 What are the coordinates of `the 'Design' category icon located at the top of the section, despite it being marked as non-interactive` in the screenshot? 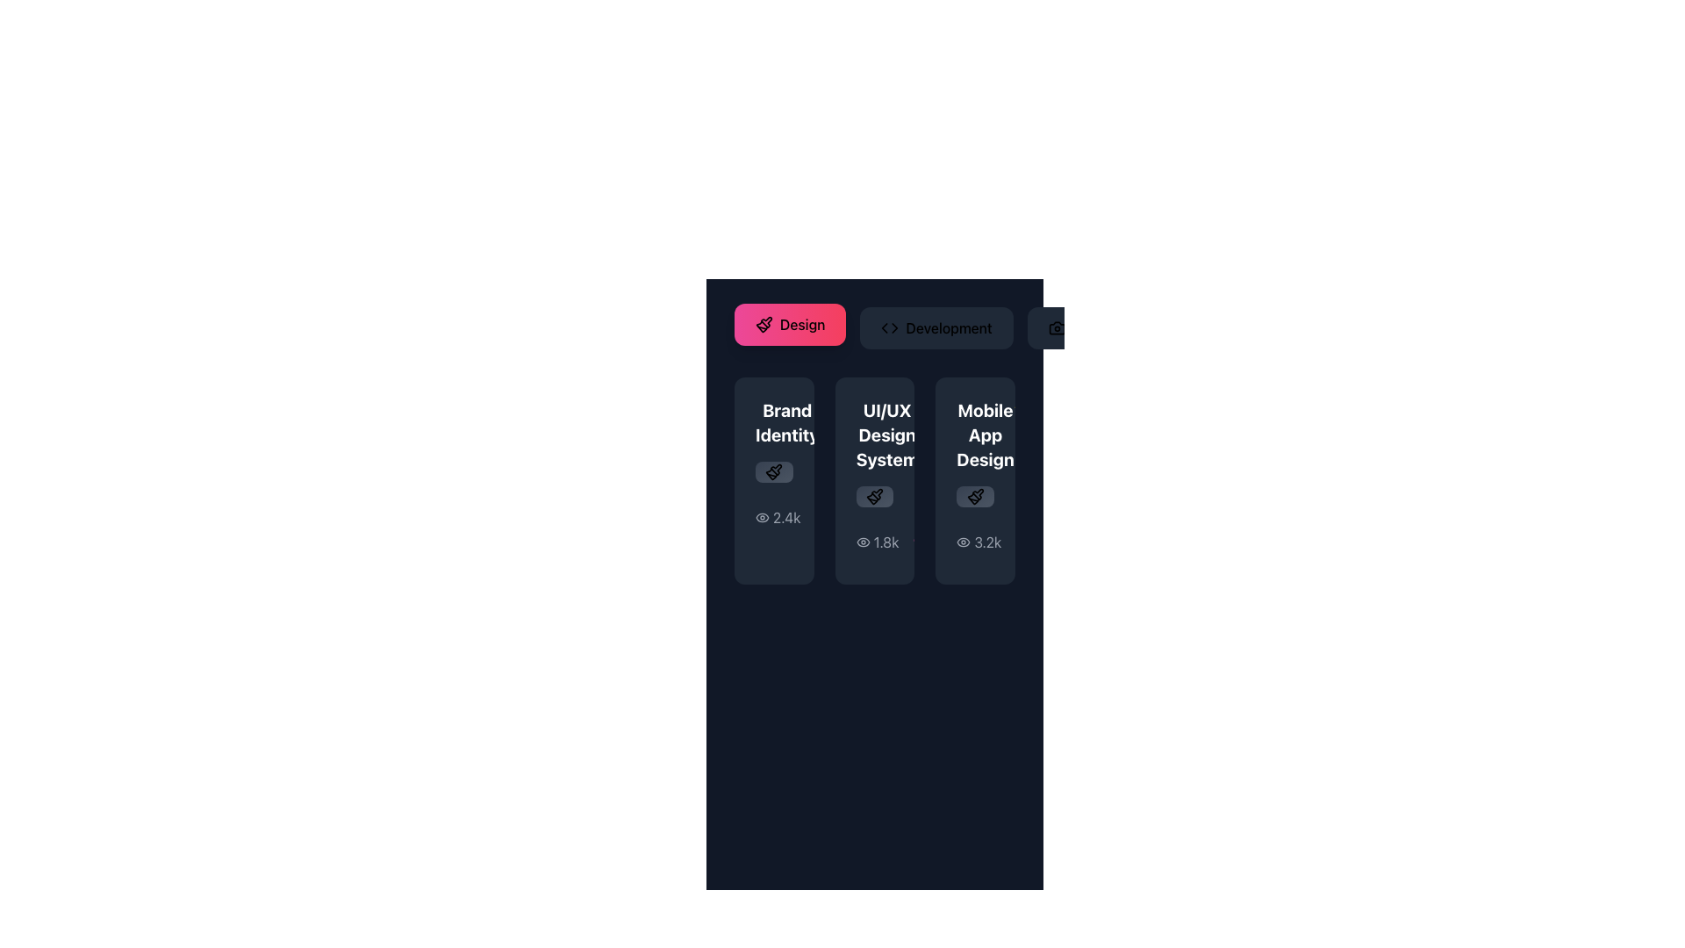 It's located at (766, 322).